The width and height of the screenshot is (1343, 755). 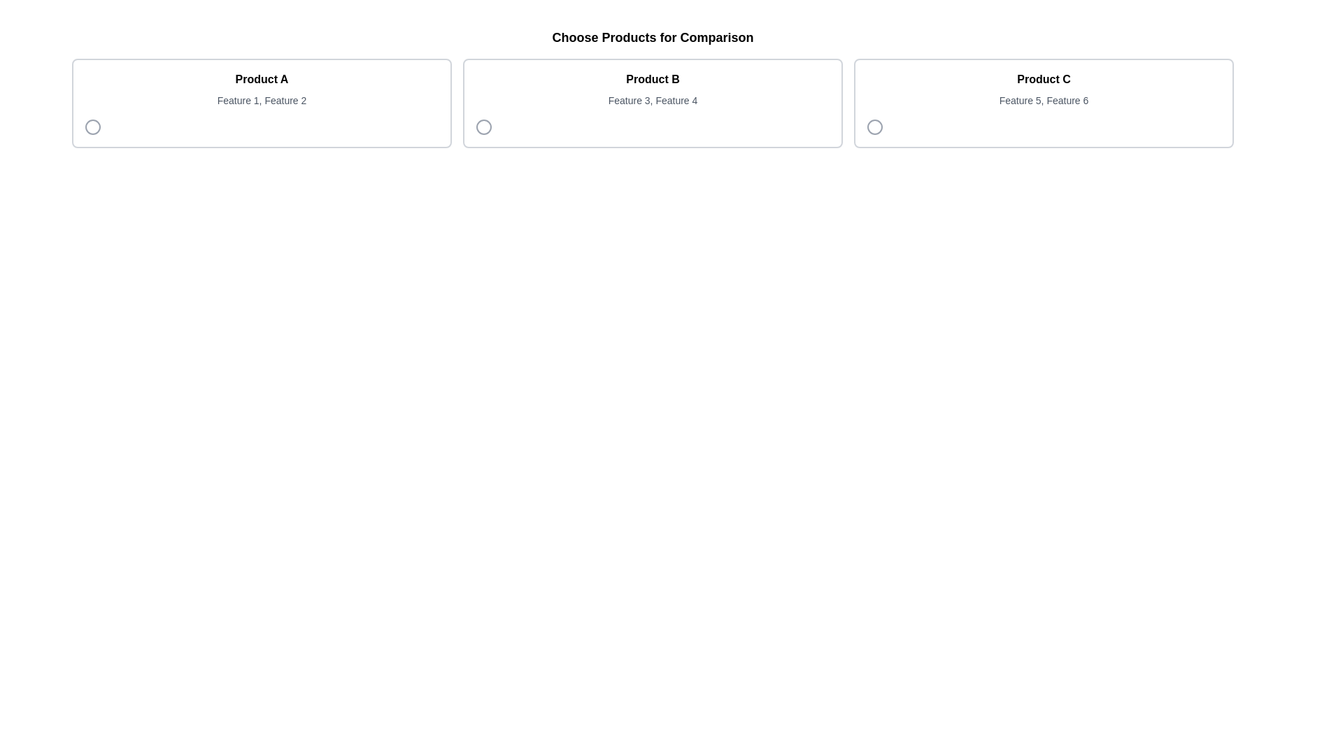 I want to click on the text label displaying 'Feature 3, Feature 4' located under the 'Product B' header, so click(x=652, y=99).